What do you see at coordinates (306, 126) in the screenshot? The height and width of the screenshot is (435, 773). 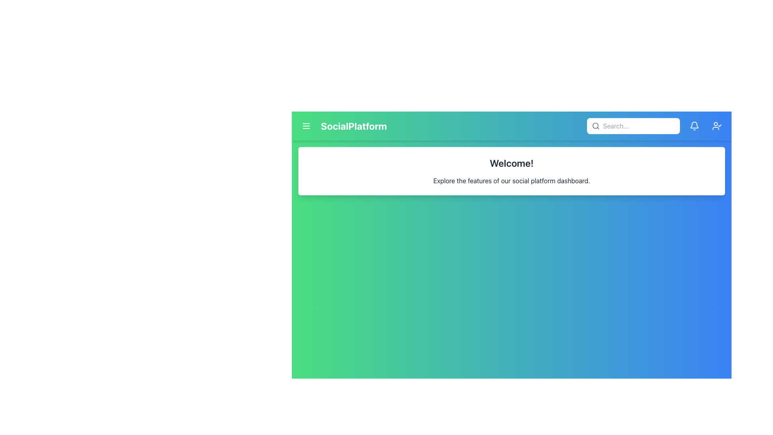 I see `the menu button located on the left side of the top navigation bar, adjacent to the text 'SocialPlatform'` at bounding box center [306, 126].